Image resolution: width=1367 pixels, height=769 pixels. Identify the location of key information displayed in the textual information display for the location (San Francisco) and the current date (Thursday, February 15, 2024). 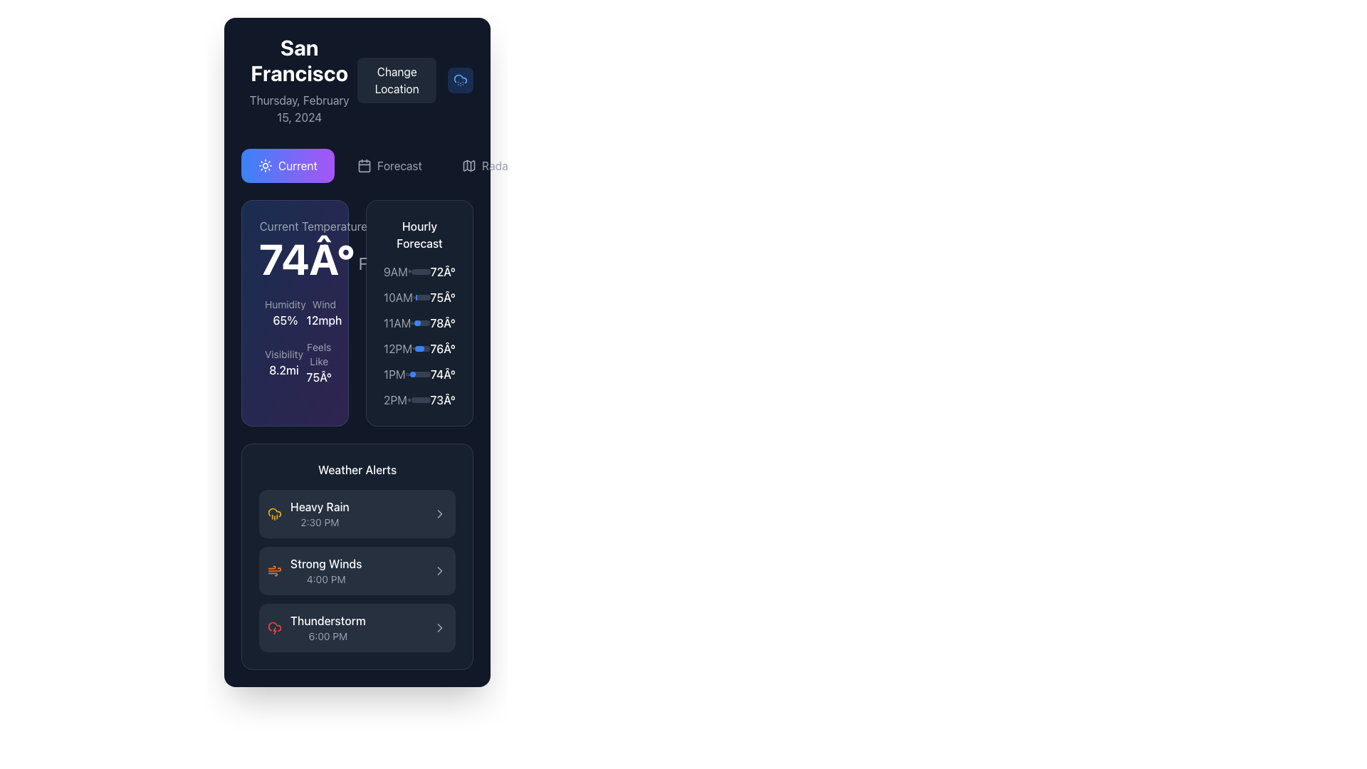
(298, 80).